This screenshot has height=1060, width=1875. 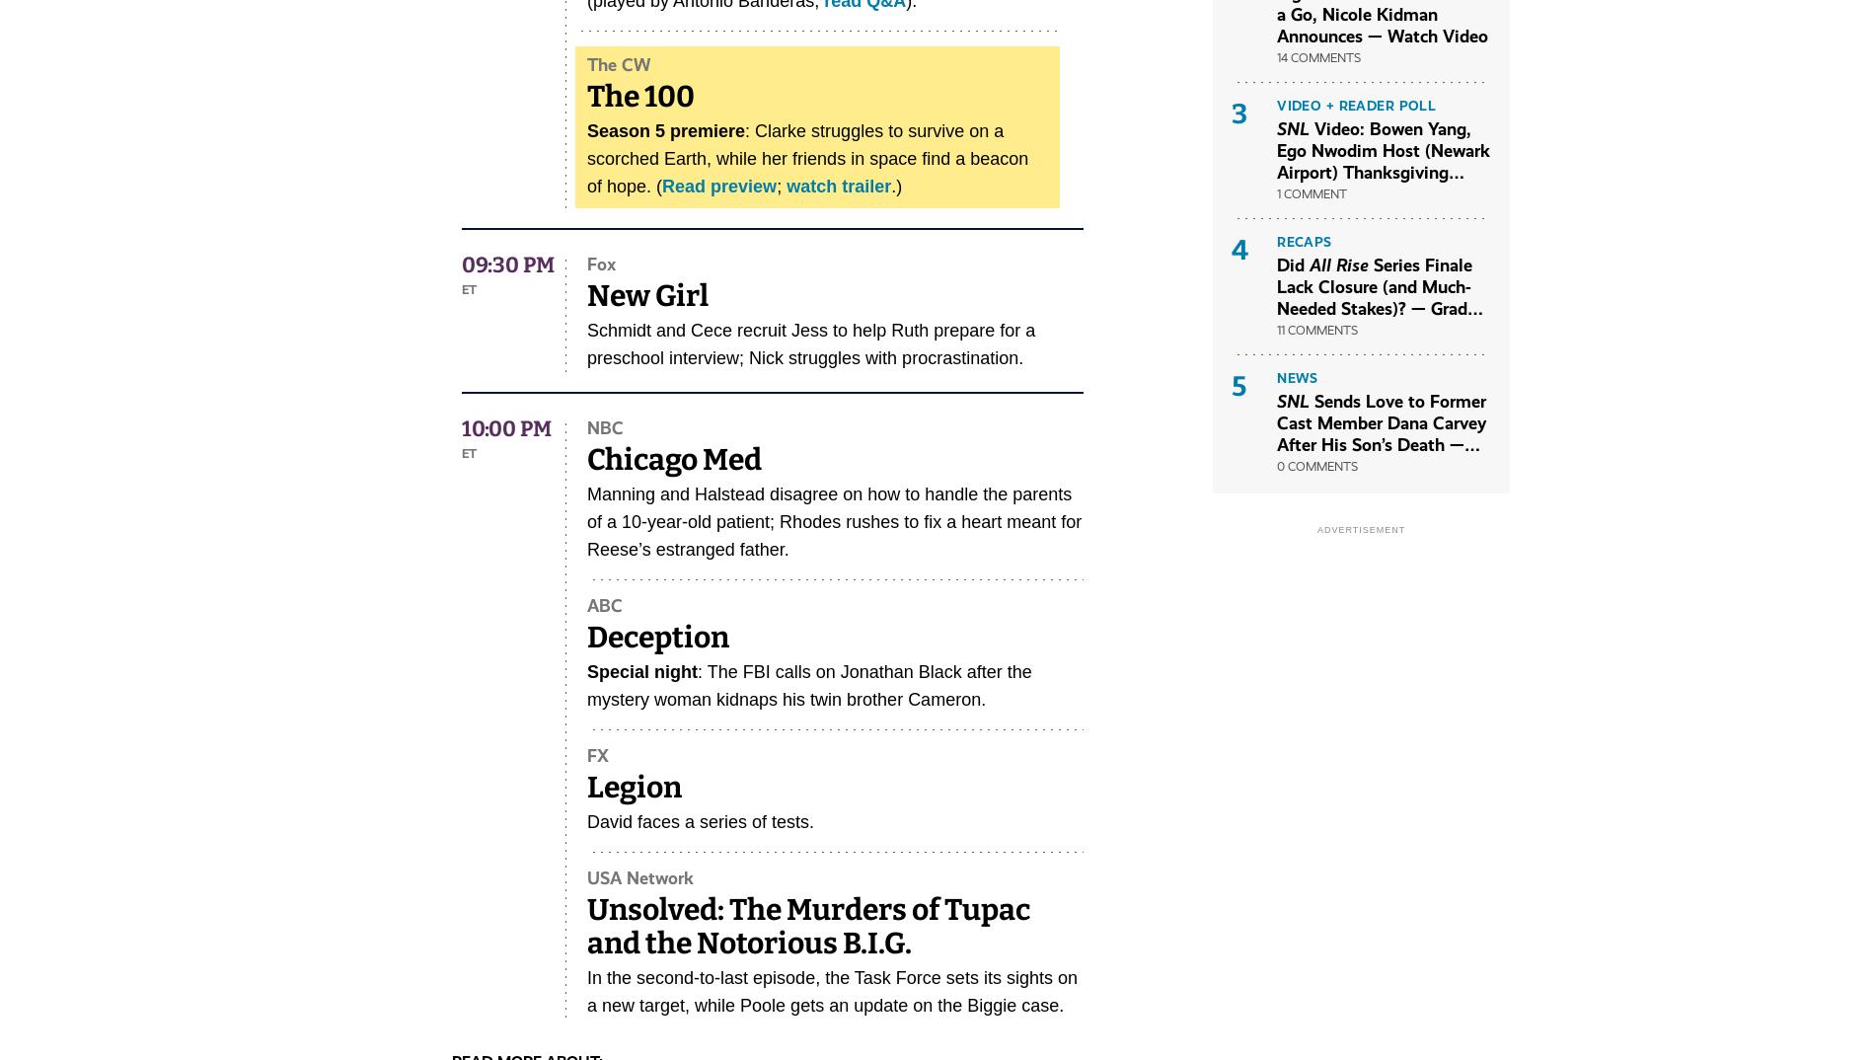 What do you see at coordinates (1276, 465) in the screenshot?
I see `'0 Comments'` at bounding box center [1276, 465].